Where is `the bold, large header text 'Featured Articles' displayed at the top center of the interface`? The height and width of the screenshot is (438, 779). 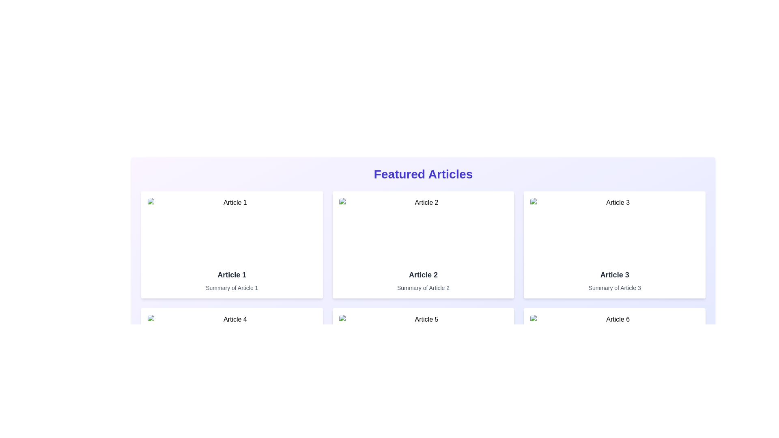
the bold, large header text 'Featured Articles' displayed at the top center of the interface is located at coordinates (423, 174).